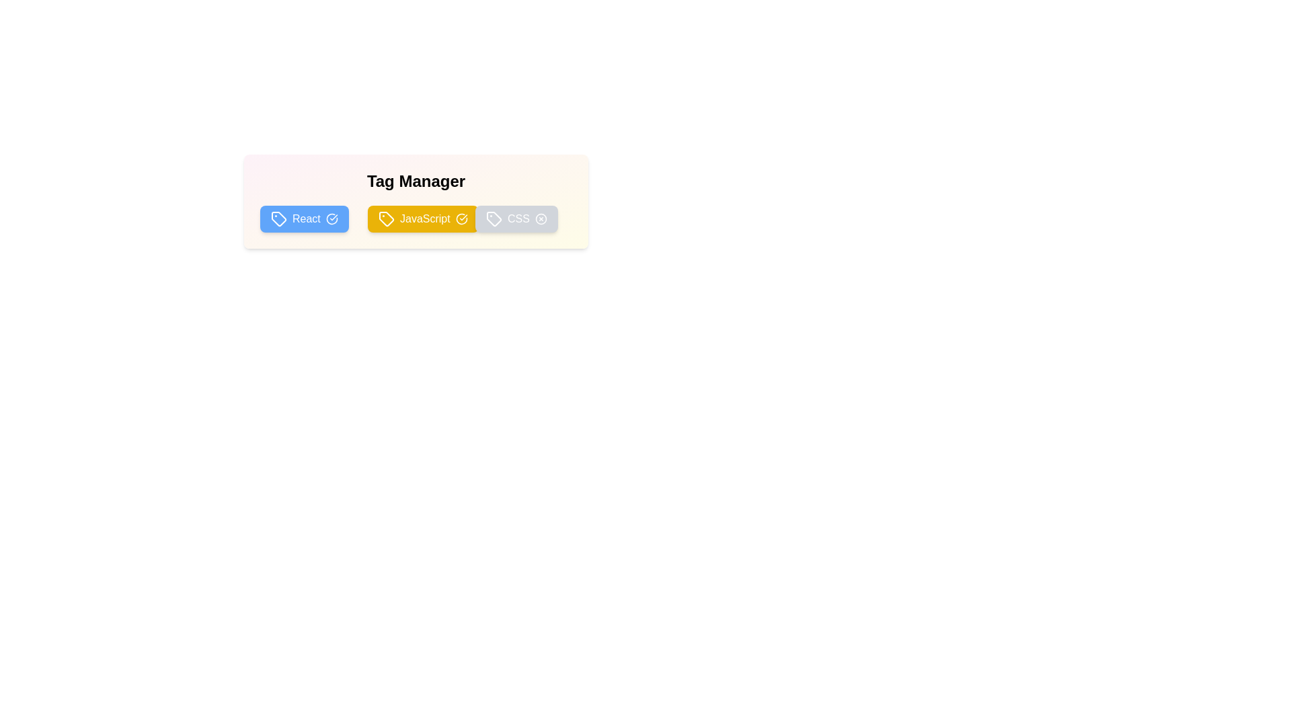 Image resolution: width=1291 pixels, height=726 pixels. What do you see at coordinates (422, 218) in the screenshot?
I see `the tag JavaScript` at bounding box center [422, 218].